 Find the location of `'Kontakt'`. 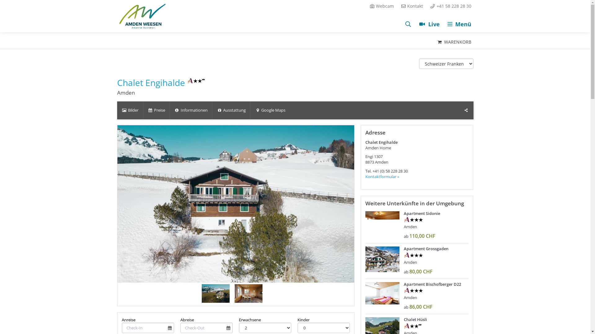

'Kontakt' is located at coordinates (412, 6).